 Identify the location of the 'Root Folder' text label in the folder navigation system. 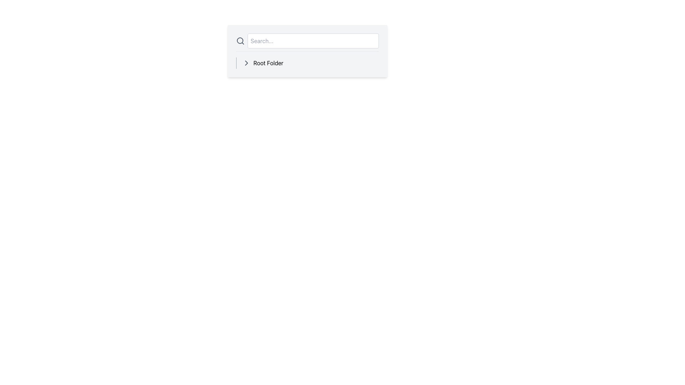
(268, 63).